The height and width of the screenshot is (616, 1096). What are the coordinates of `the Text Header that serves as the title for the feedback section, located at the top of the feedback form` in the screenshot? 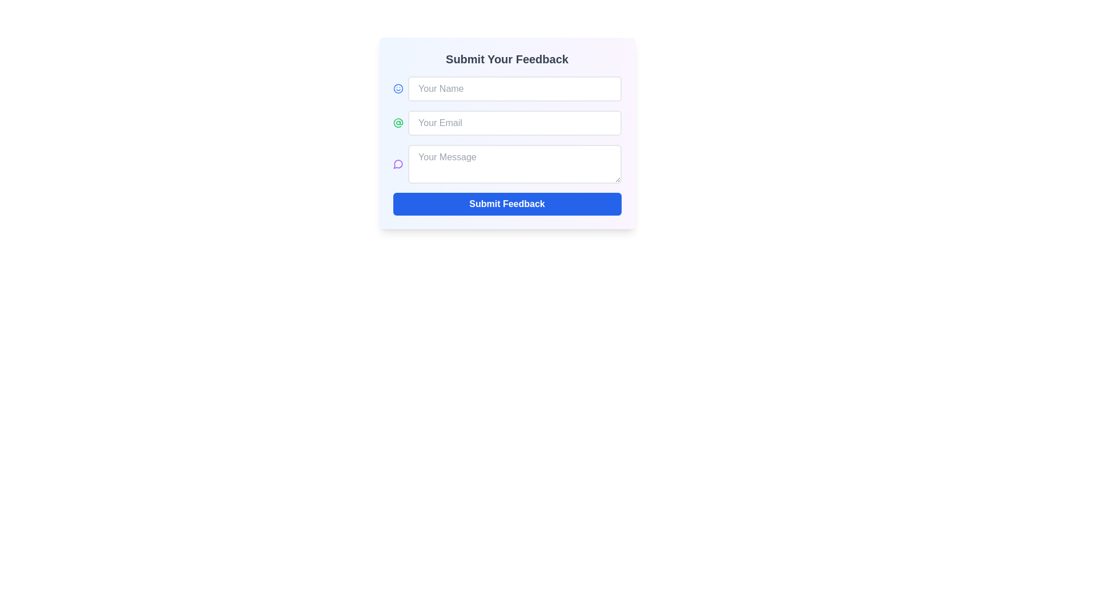 It's located at (506, 59).